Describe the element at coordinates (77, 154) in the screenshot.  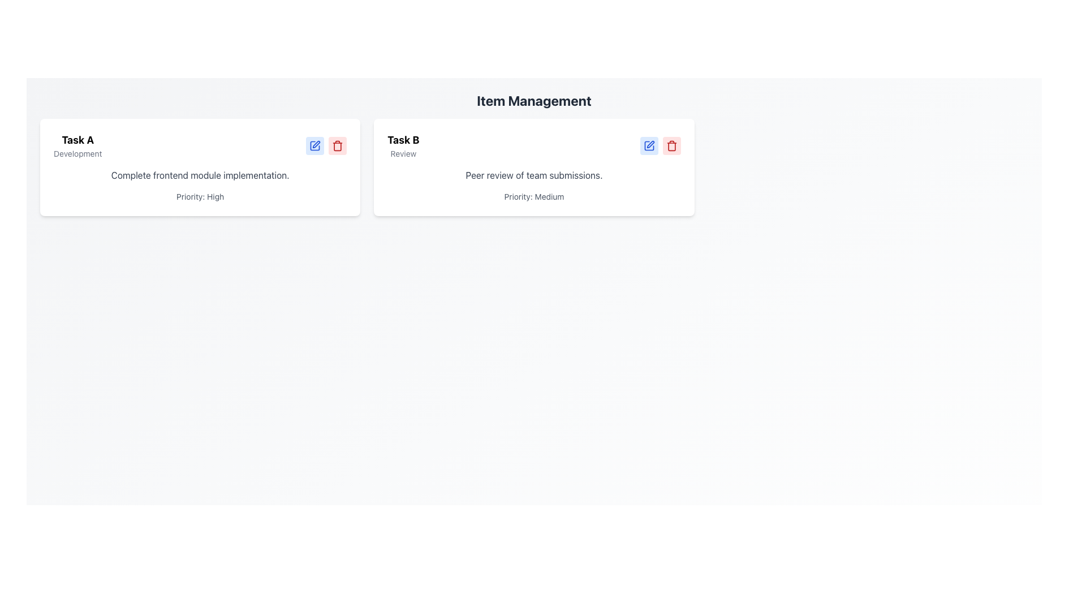
I see `the small text label containing the word 'Development', which is positioned directly below the bolded 'Task A' title in the task card` at that location.